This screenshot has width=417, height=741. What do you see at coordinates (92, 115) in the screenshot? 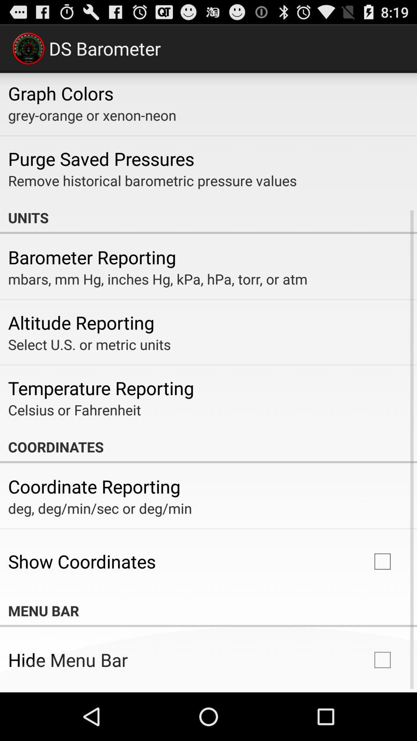
I see `grey orange or` at bounding box center [92, 115].